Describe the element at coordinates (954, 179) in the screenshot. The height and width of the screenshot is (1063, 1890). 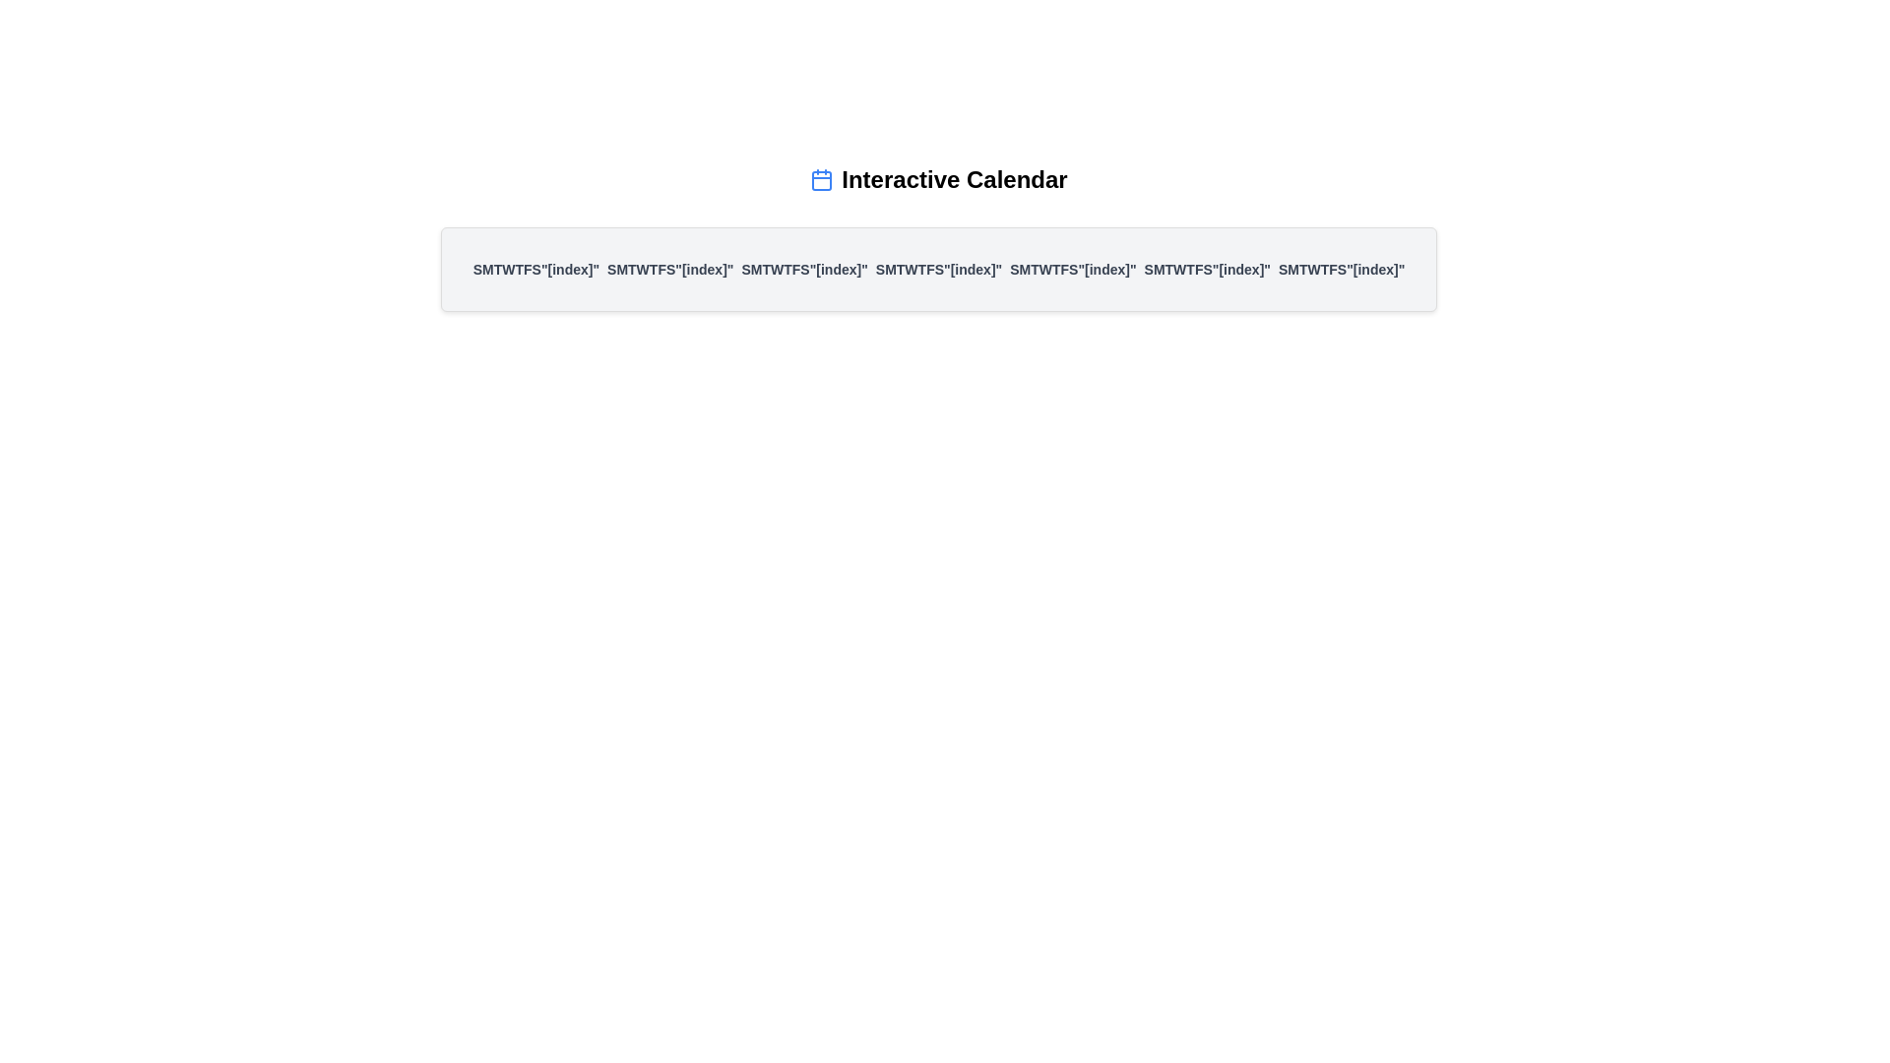
I see `the heading labeled 'Interactive Calendar', which is prominently styled in bold and larger font, to engage with adjacent interactive elements` at that location.